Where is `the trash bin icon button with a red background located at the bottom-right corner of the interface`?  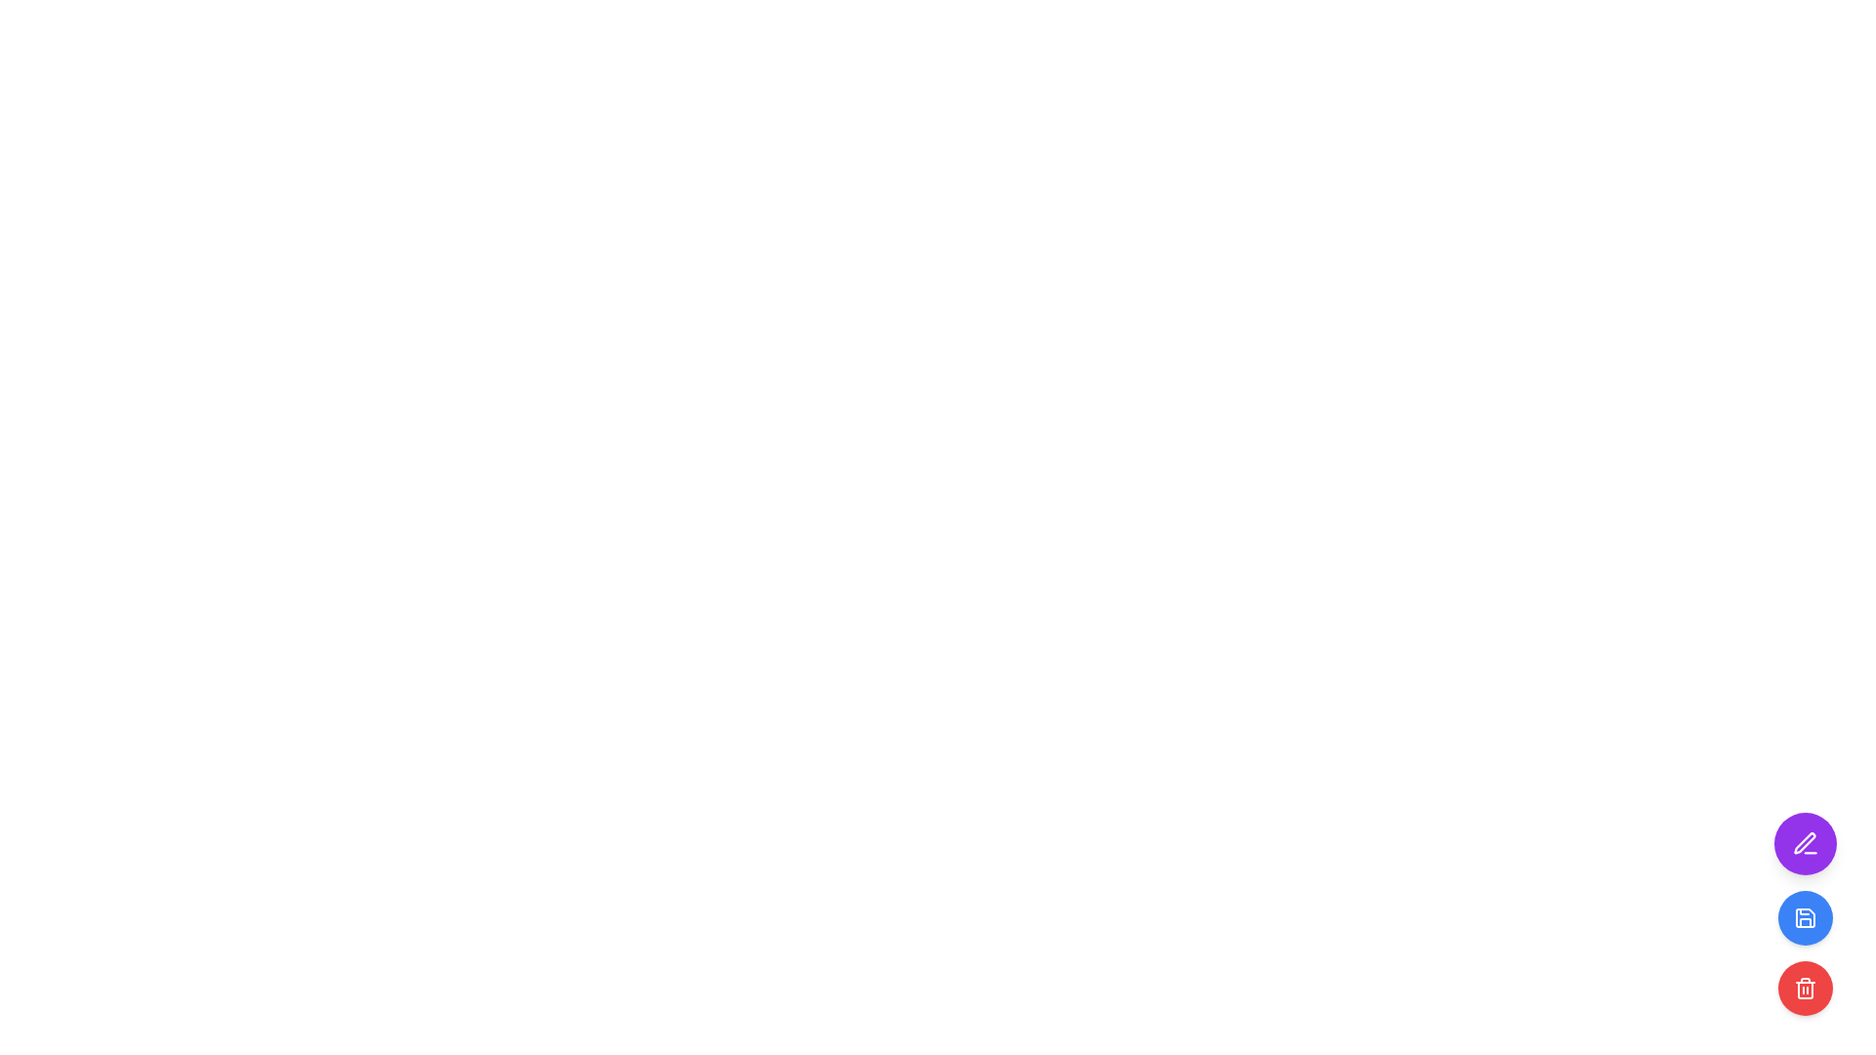
the trash bin icon button with a red background located at the bottom-right corner of the interface is located at coordinates (1805, 988).